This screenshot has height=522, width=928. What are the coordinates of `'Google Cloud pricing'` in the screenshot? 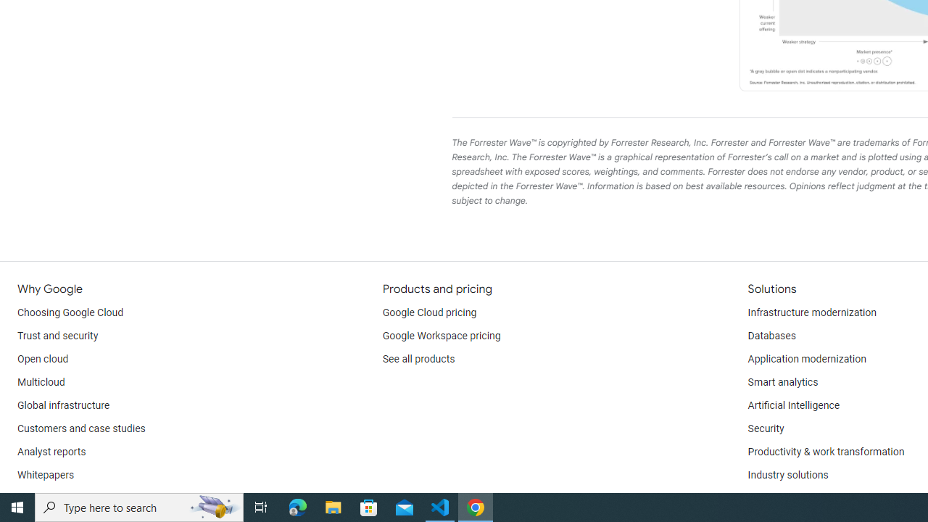 It's located at (428, 312).